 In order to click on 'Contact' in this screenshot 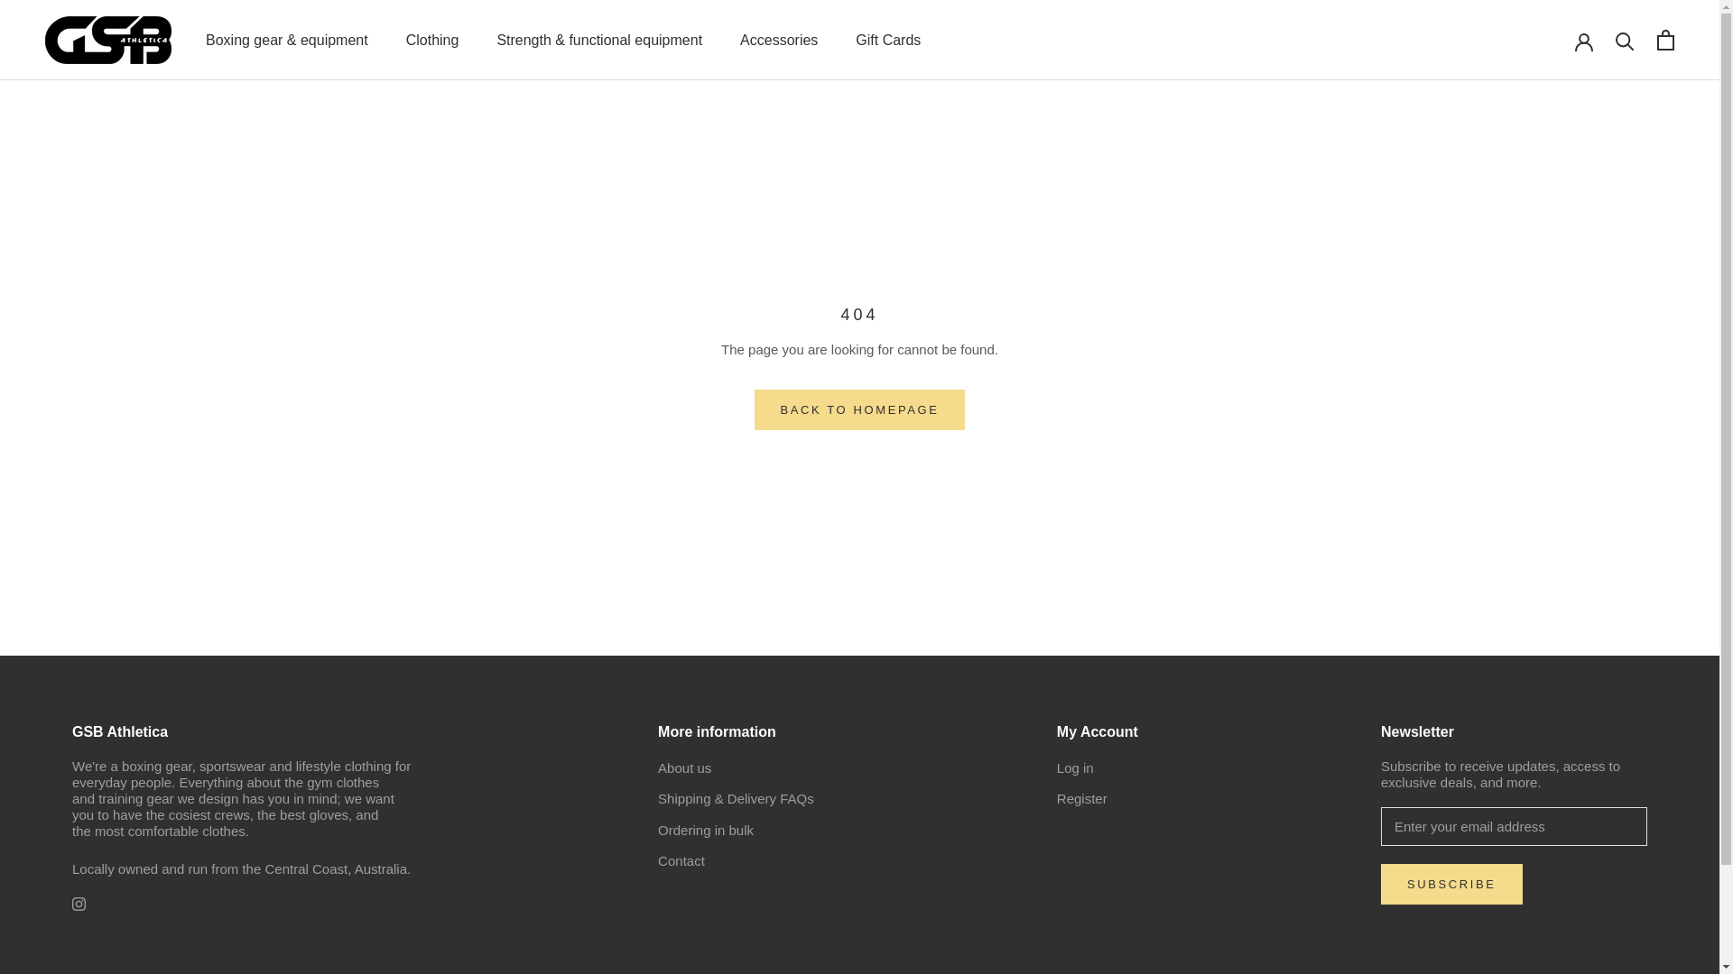, I will do `click(657, 860)`.